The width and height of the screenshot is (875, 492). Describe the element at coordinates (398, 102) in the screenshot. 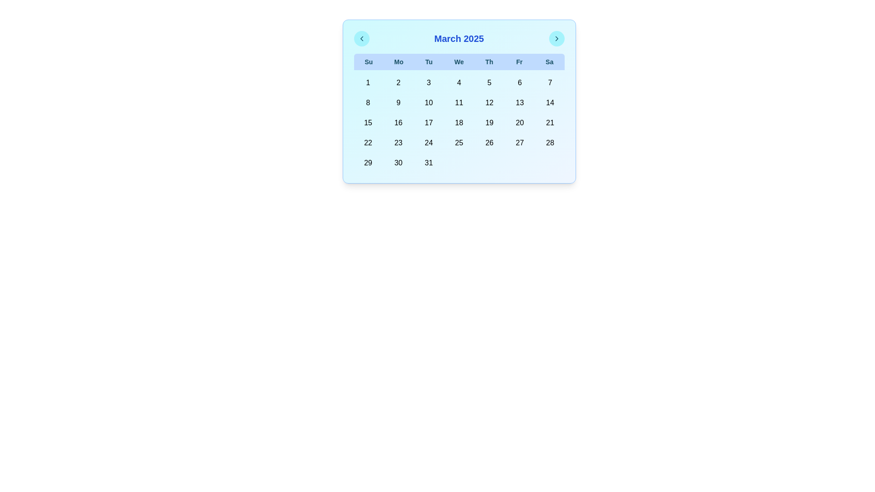

I see `the medium-sized button with rounded corners and a light blue background that contains the numeral '9'` at that location.